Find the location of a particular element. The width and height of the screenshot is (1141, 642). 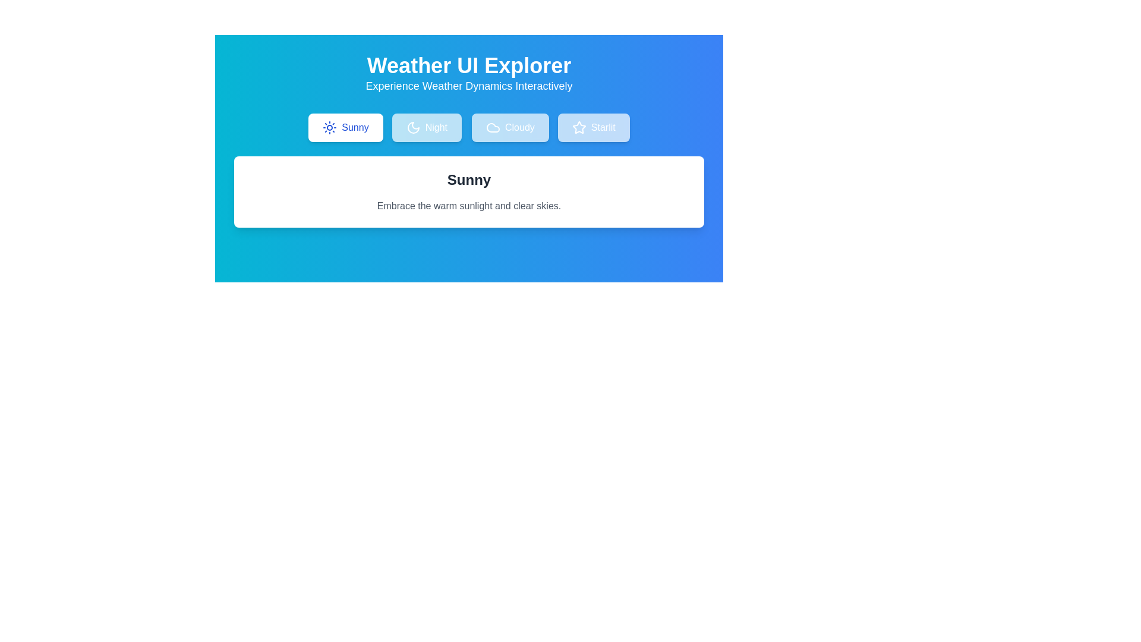

the Night weather tab is located at coordinates (427, 128).